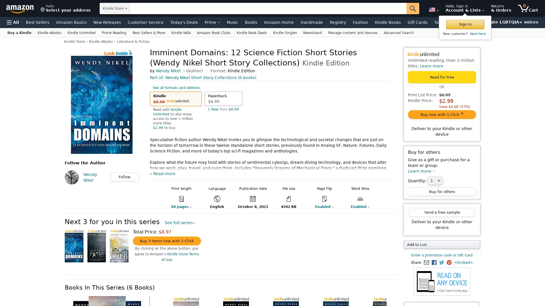 This screenshot has height=306, width=545. What do you see at coordinates (421, 171) in the screenshot?
I see `Learn more` at bounding box center [421, 171].